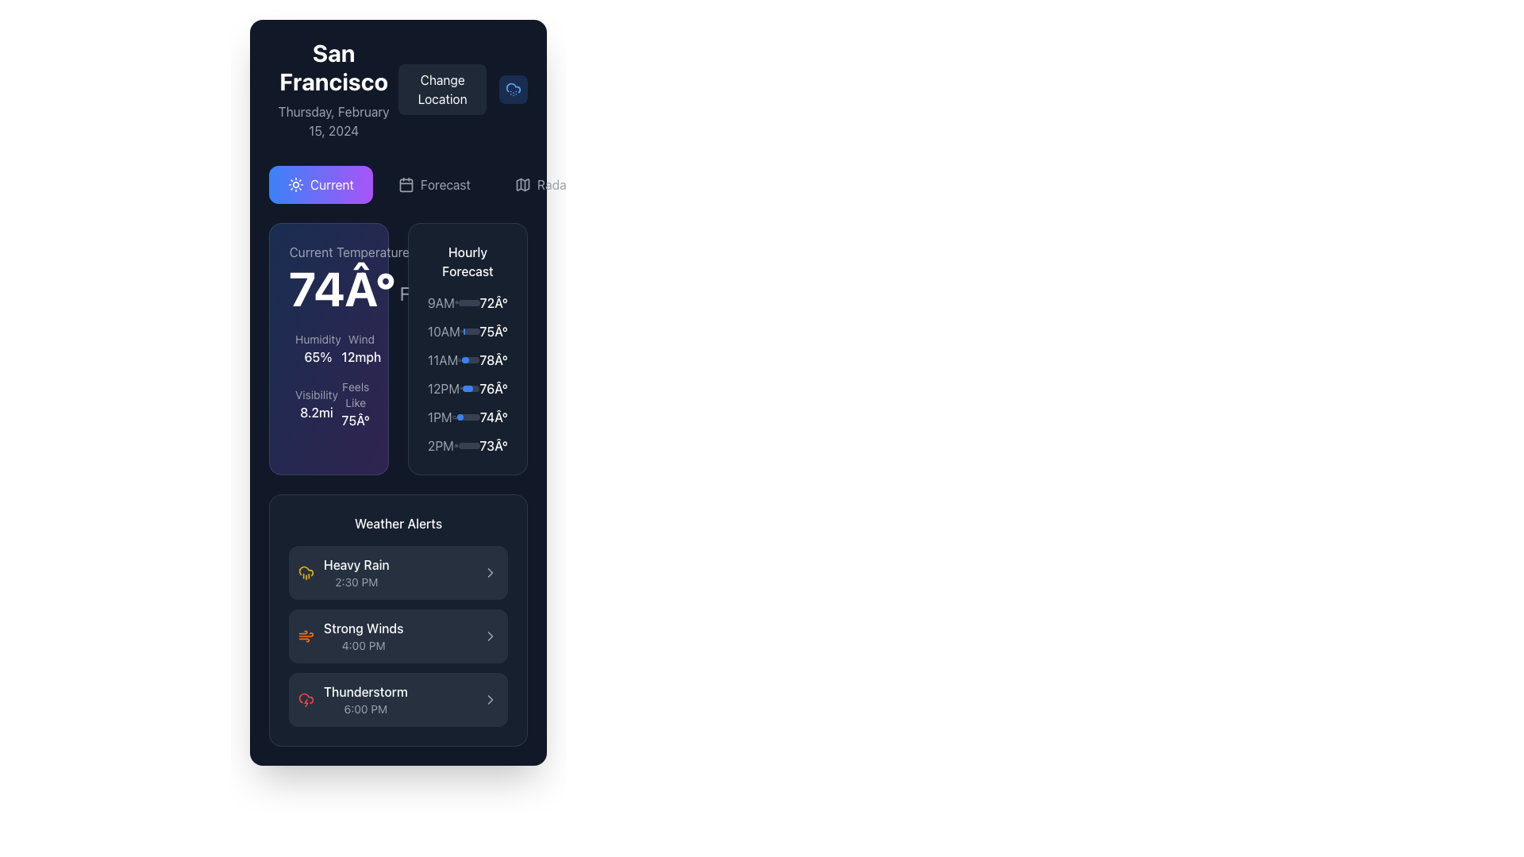 This screenshot has height=857, width=1524. Describe the element at coordinates (470, 360) in the screenshot. I see `the slim rectangular progress bar indicating progress for the '11AM' hourly forecast in the 'Hourly Forecast' panel` at that location.